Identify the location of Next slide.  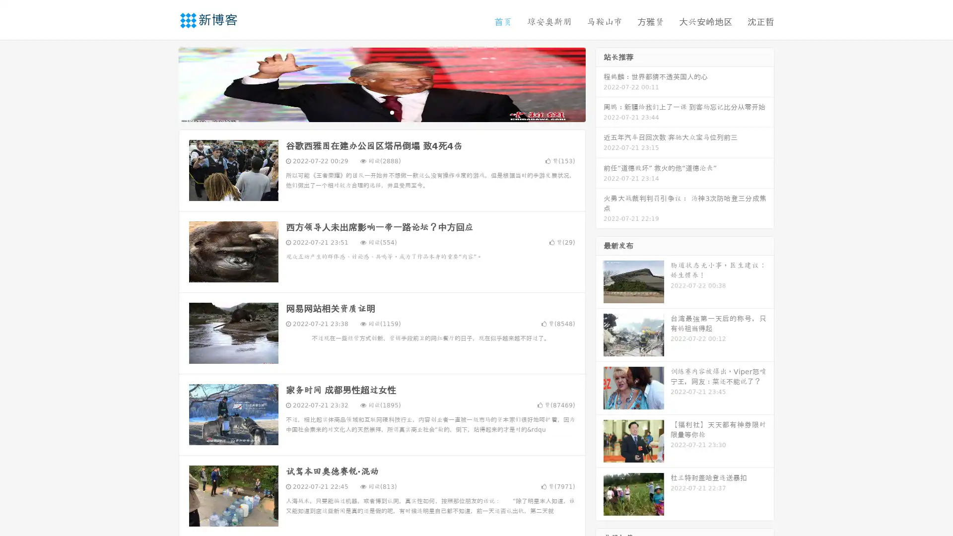
(600, 83).